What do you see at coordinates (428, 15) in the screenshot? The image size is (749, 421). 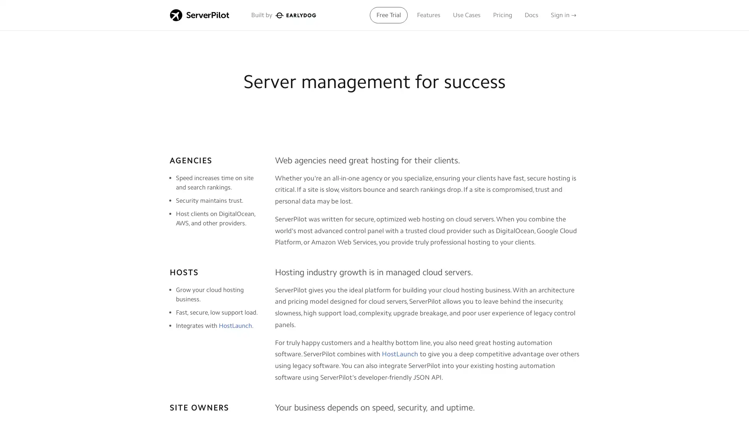 I see `Features` at bounding box center [428, 15].